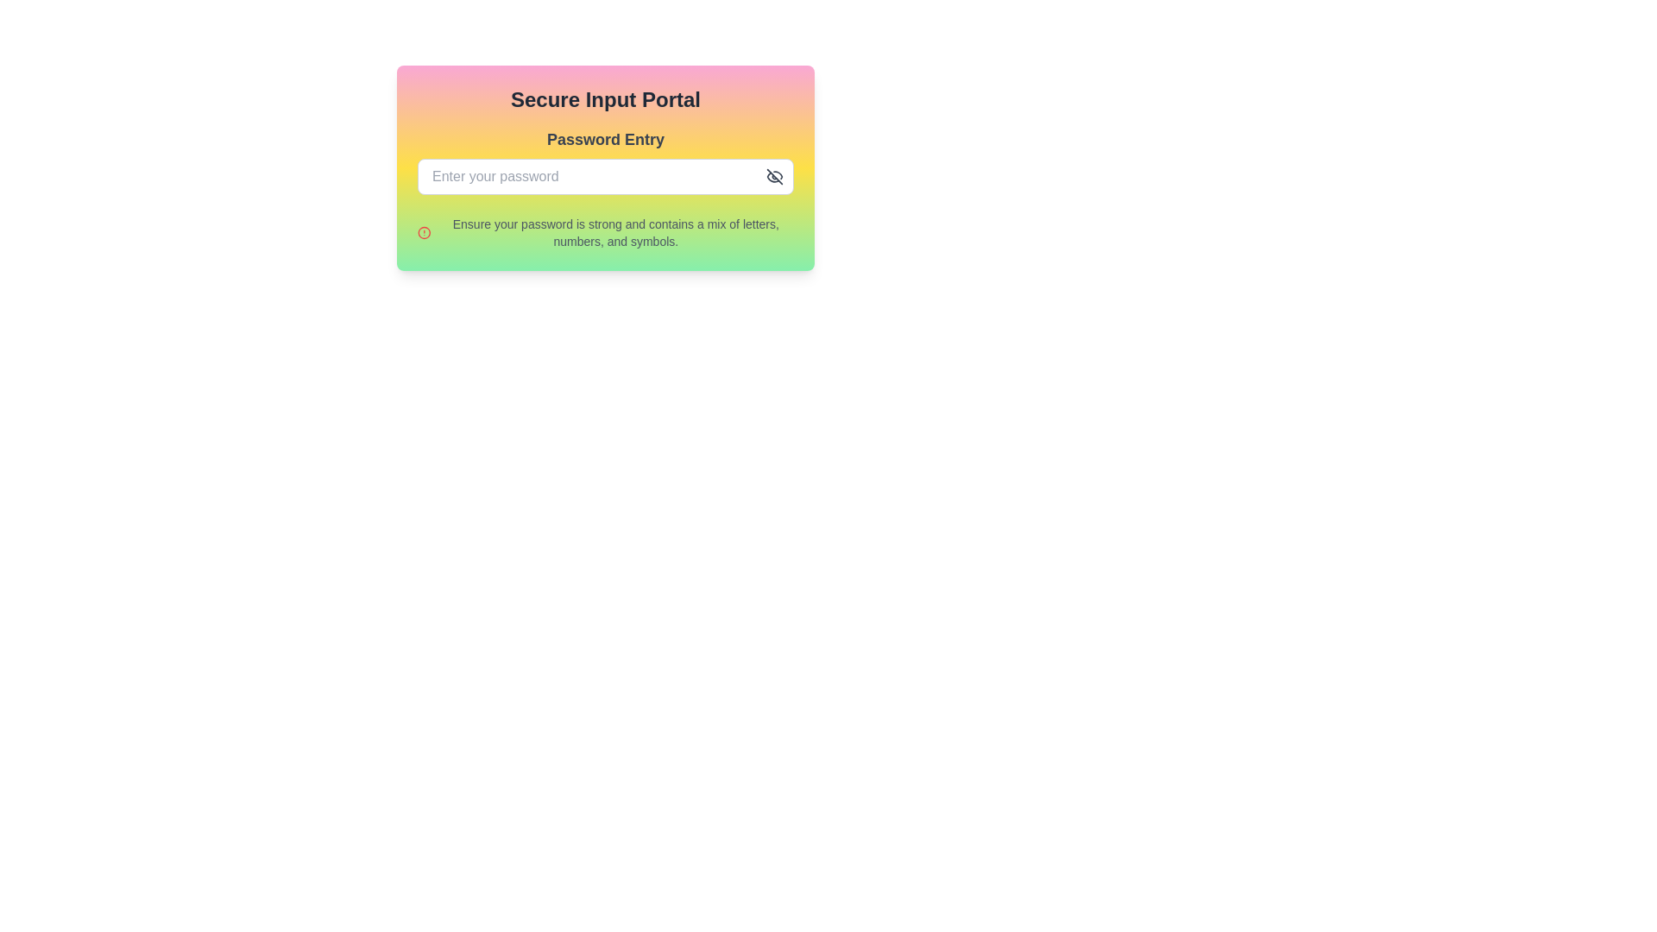 Image resolution: width=1657 pixels, height=932 pixels. I want to click on the circular alert symbol that represents warnings related to password strength or requirements in the Secure Input Portal interface, so click(424, 233).